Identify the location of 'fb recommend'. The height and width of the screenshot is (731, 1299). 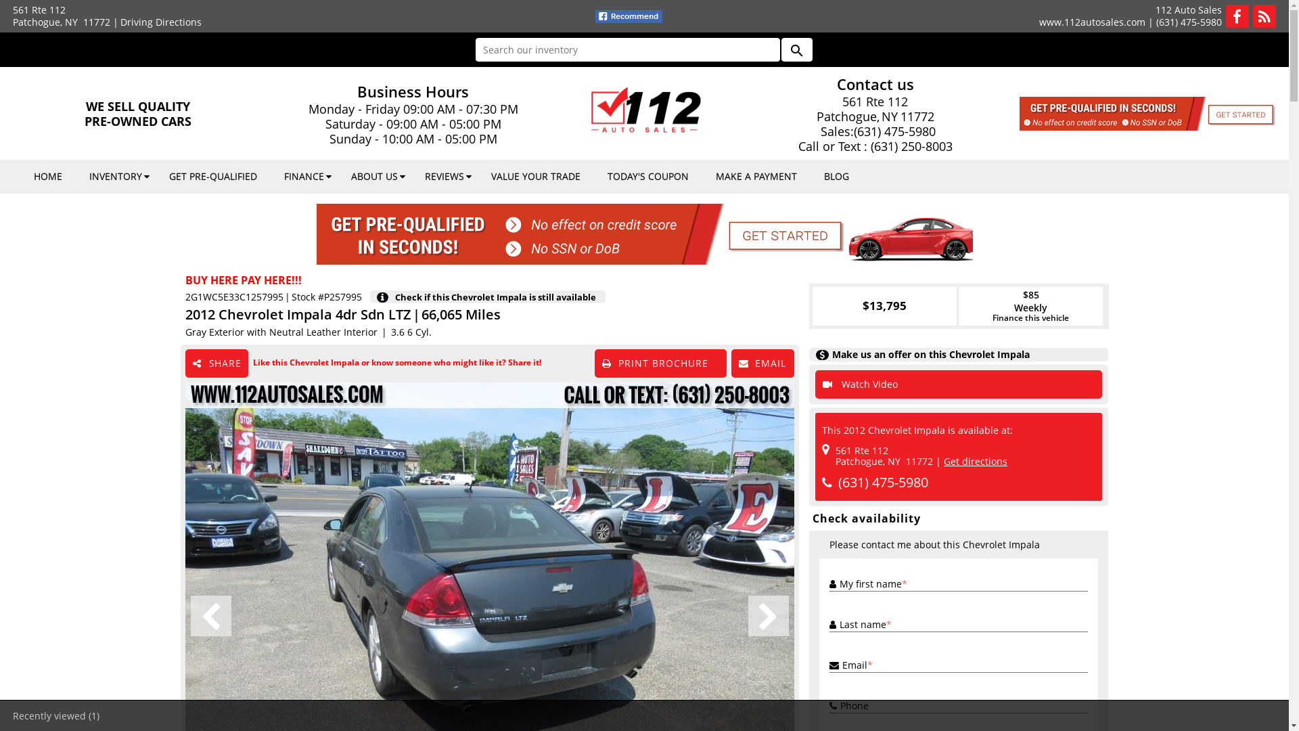
(628, 16).